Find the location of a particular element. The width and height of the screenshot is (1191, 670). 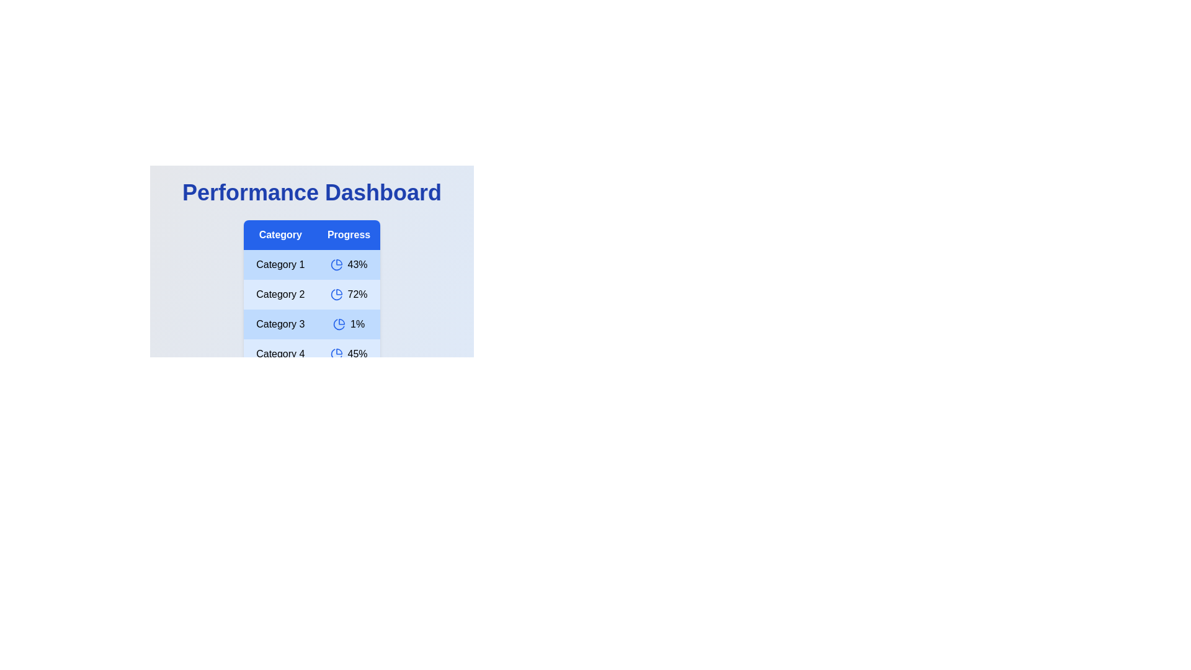

the pie chart icons for Category 2 category is located at coordinates (336, 294).